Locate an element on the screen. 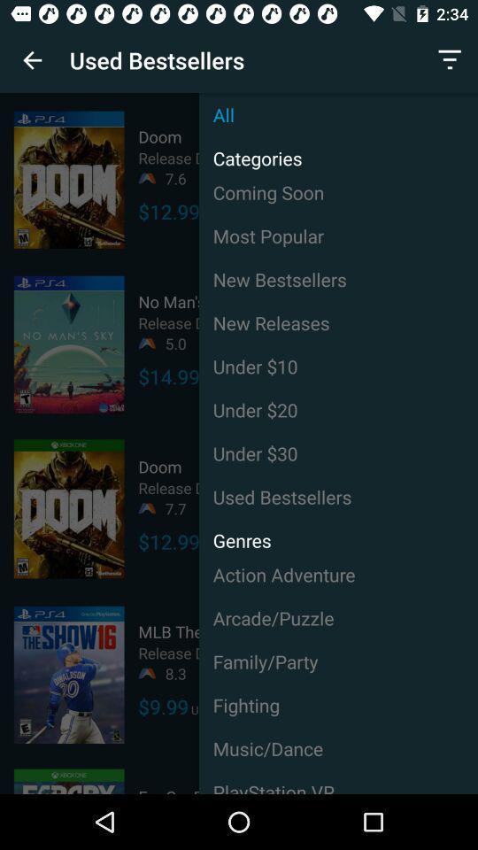  the item to the right of $14.99 is located at coordinates (338, 410).